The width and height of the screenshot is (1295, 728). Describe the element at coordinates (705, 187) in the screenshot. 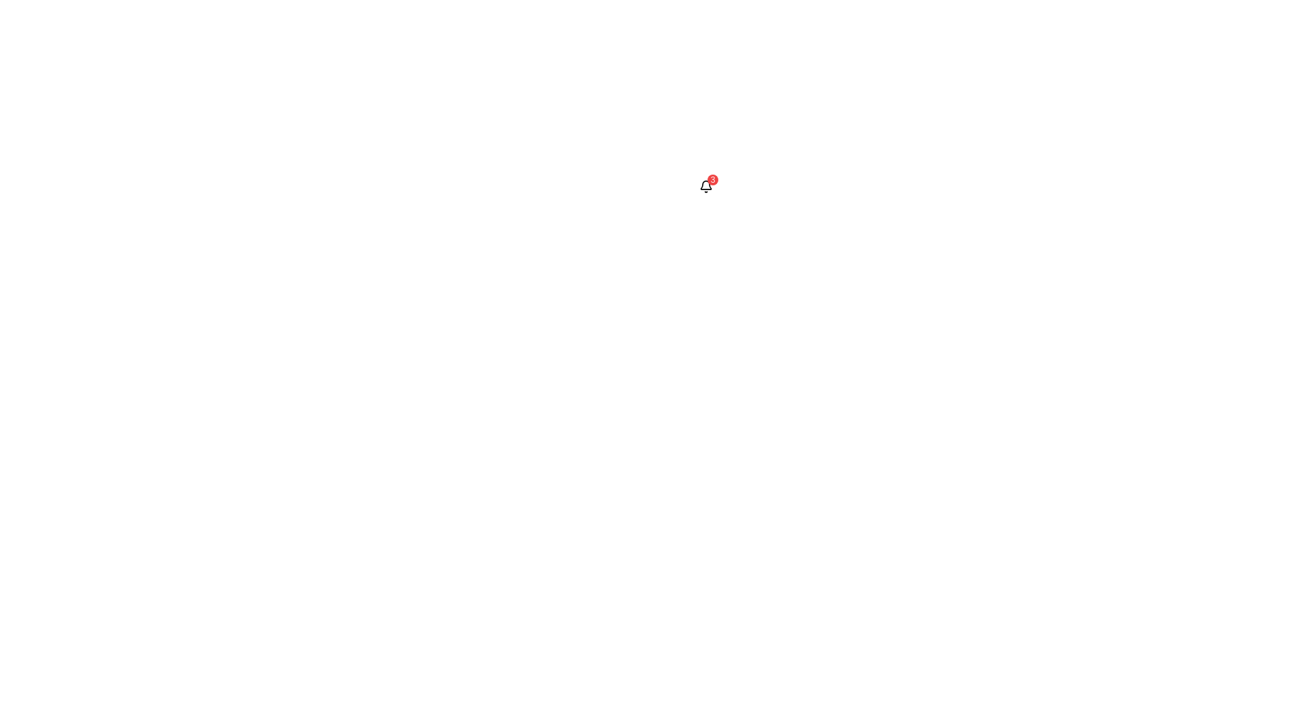

I see `the notifications by clicking on the Notification badge located at the top-right corner of the bell icon, which indicates three pending notifications` at that location.